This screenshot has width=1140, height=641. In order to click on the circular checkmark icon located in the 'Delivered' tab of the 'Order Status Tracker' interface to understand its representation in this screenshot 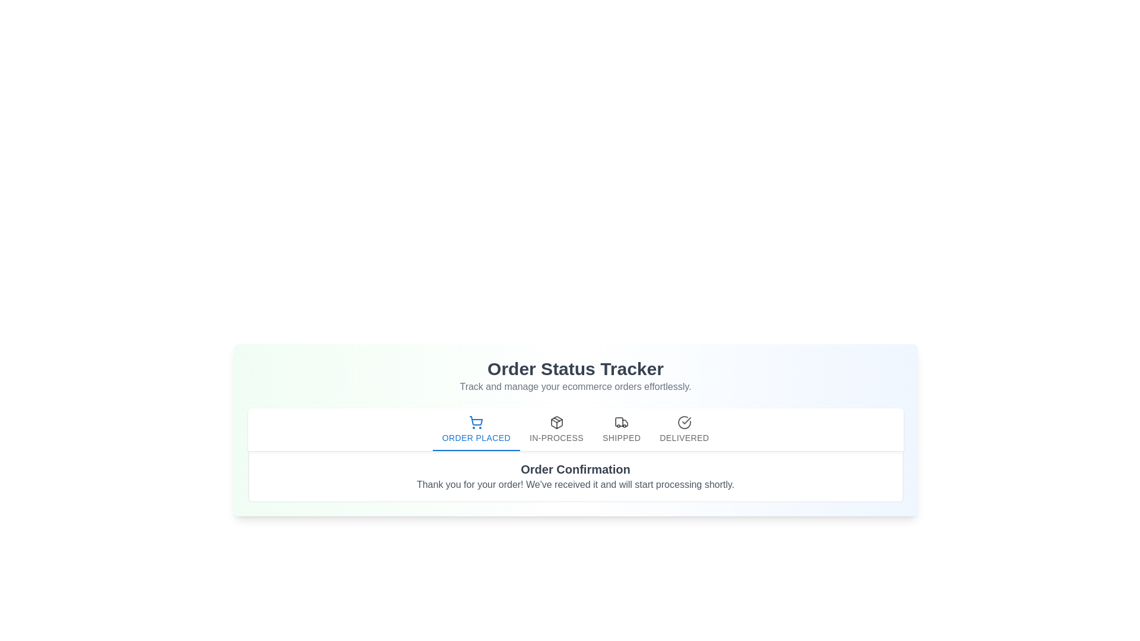, I will do `click(684, 422)`.